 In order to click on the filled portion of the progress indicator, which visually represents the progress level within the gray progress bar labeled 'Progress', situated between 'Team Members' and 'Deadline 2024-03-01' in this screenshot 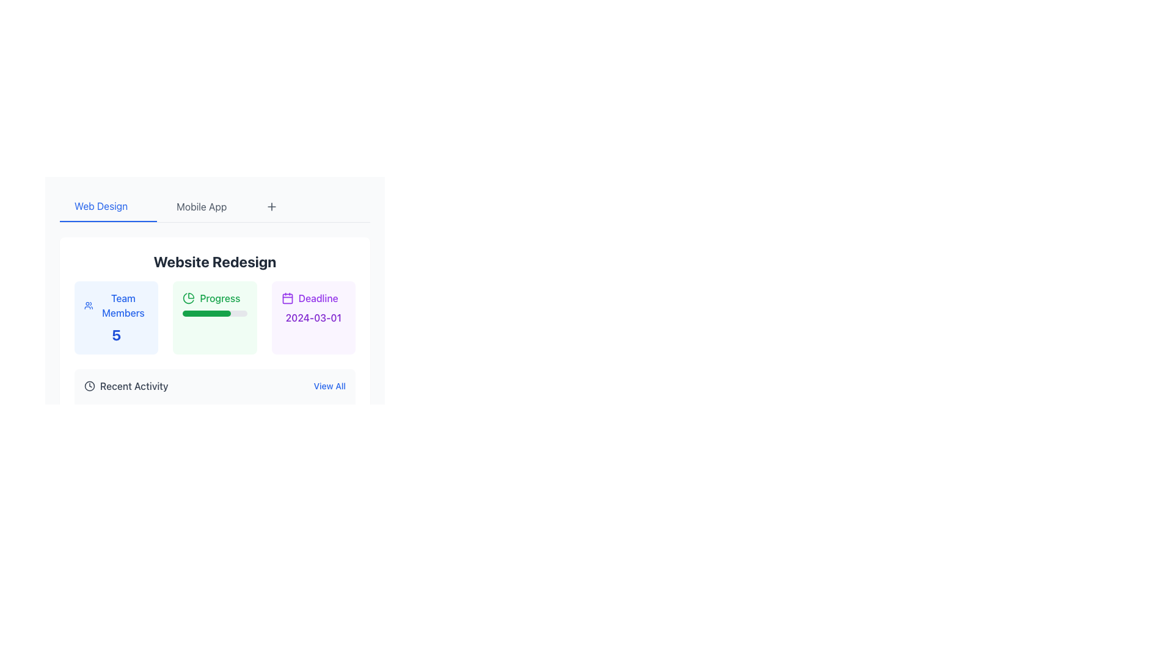, I will do `click(206, 312)`.